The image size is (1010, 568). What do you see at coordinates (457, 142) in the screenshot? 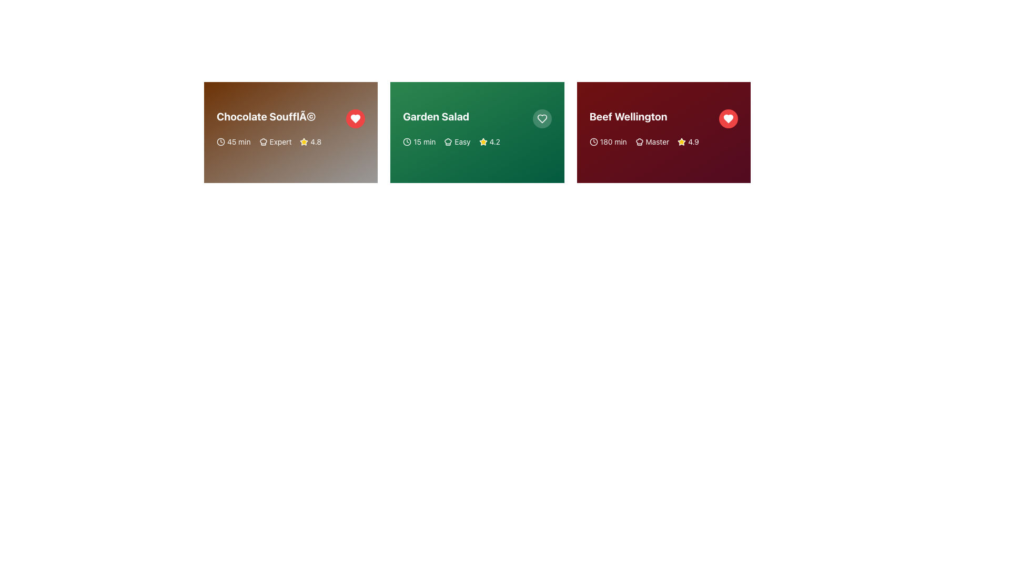
I see `the difficulty level label with an icon indicating that the recipe is easy to prepare, located within the 'Garden Salad' card, positioned below the dish name and next to the '15 min' label` at bounding box center [457, 142].